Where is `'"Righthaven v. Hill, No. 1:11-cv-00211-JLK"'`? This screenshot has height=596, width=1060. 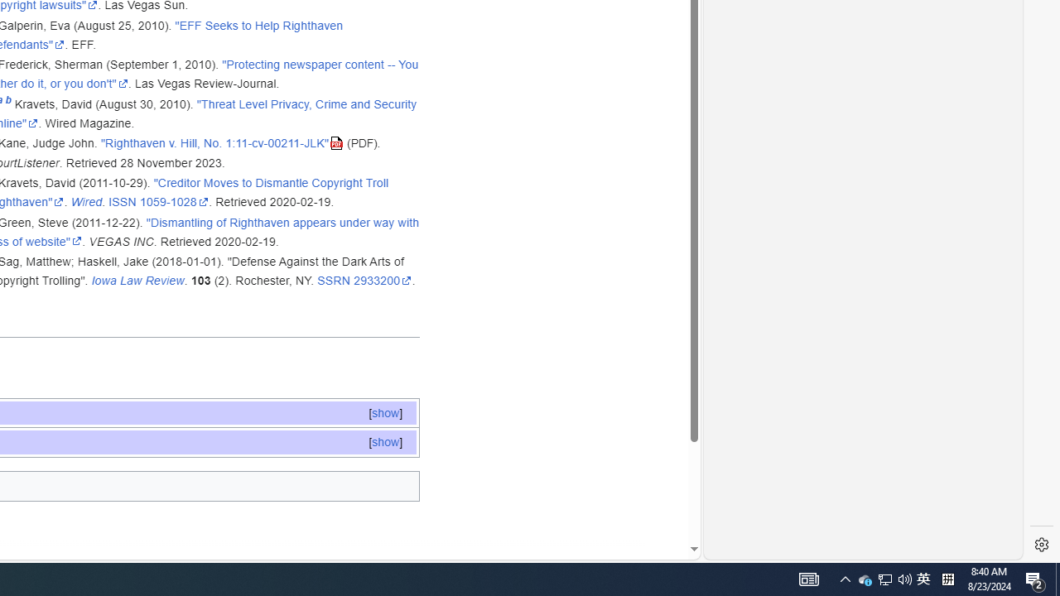
'"Righthaven v. Hill, No. 1:11-cv-00211-JLK"' is located at coordinates (221, 142).